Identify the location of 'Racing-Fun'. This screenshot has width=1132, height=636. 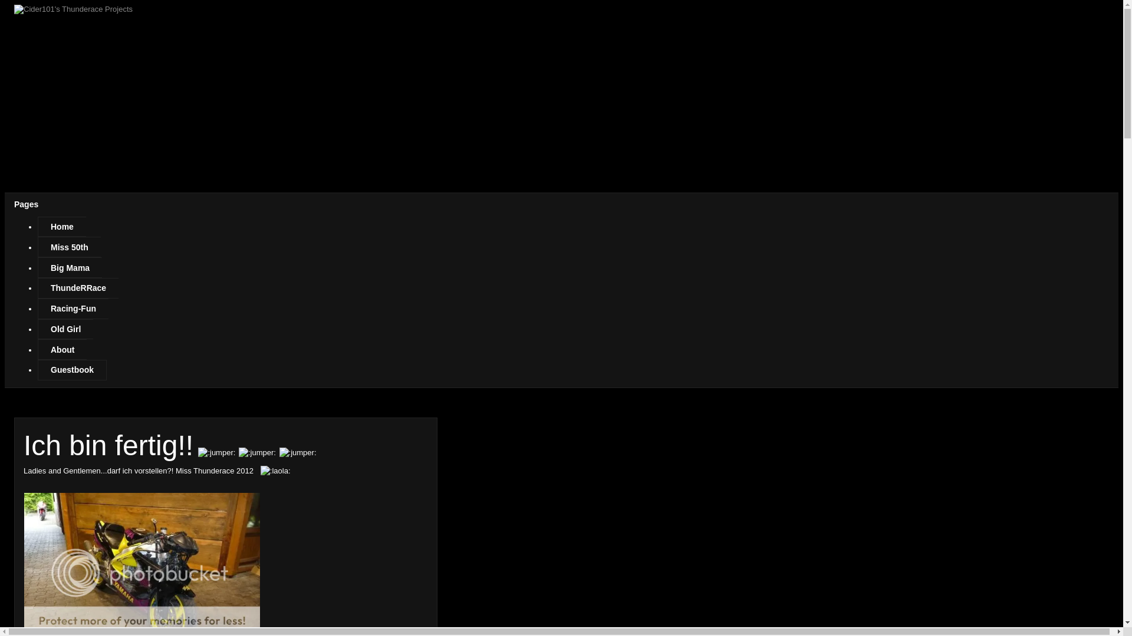
(73, 308).